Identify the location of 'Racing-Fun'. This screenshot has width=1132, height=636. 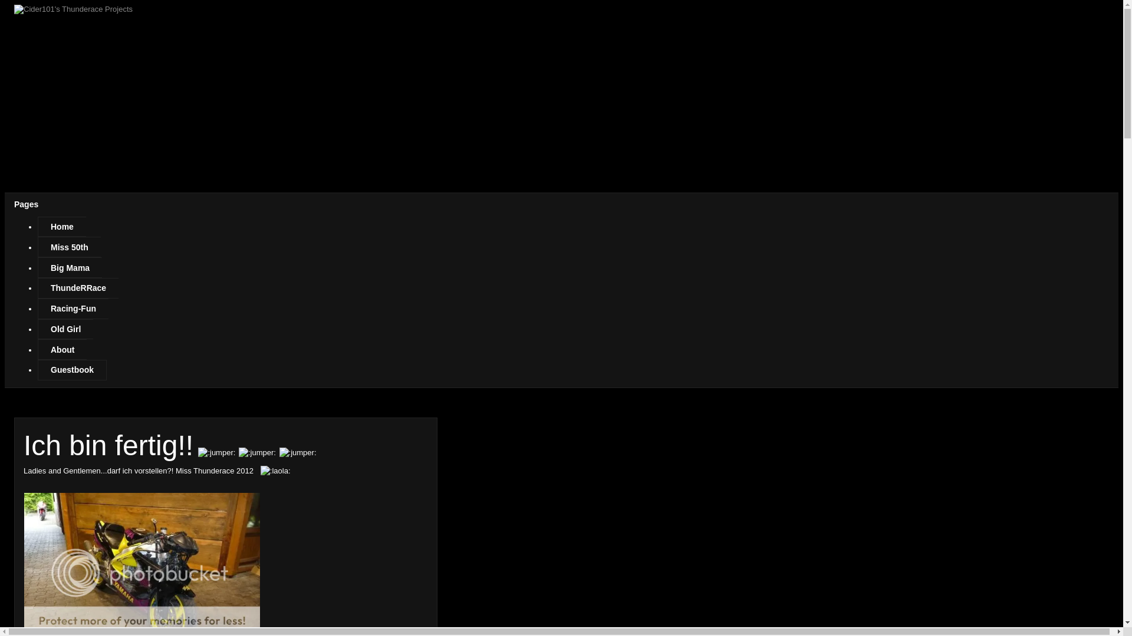
(73, 308).